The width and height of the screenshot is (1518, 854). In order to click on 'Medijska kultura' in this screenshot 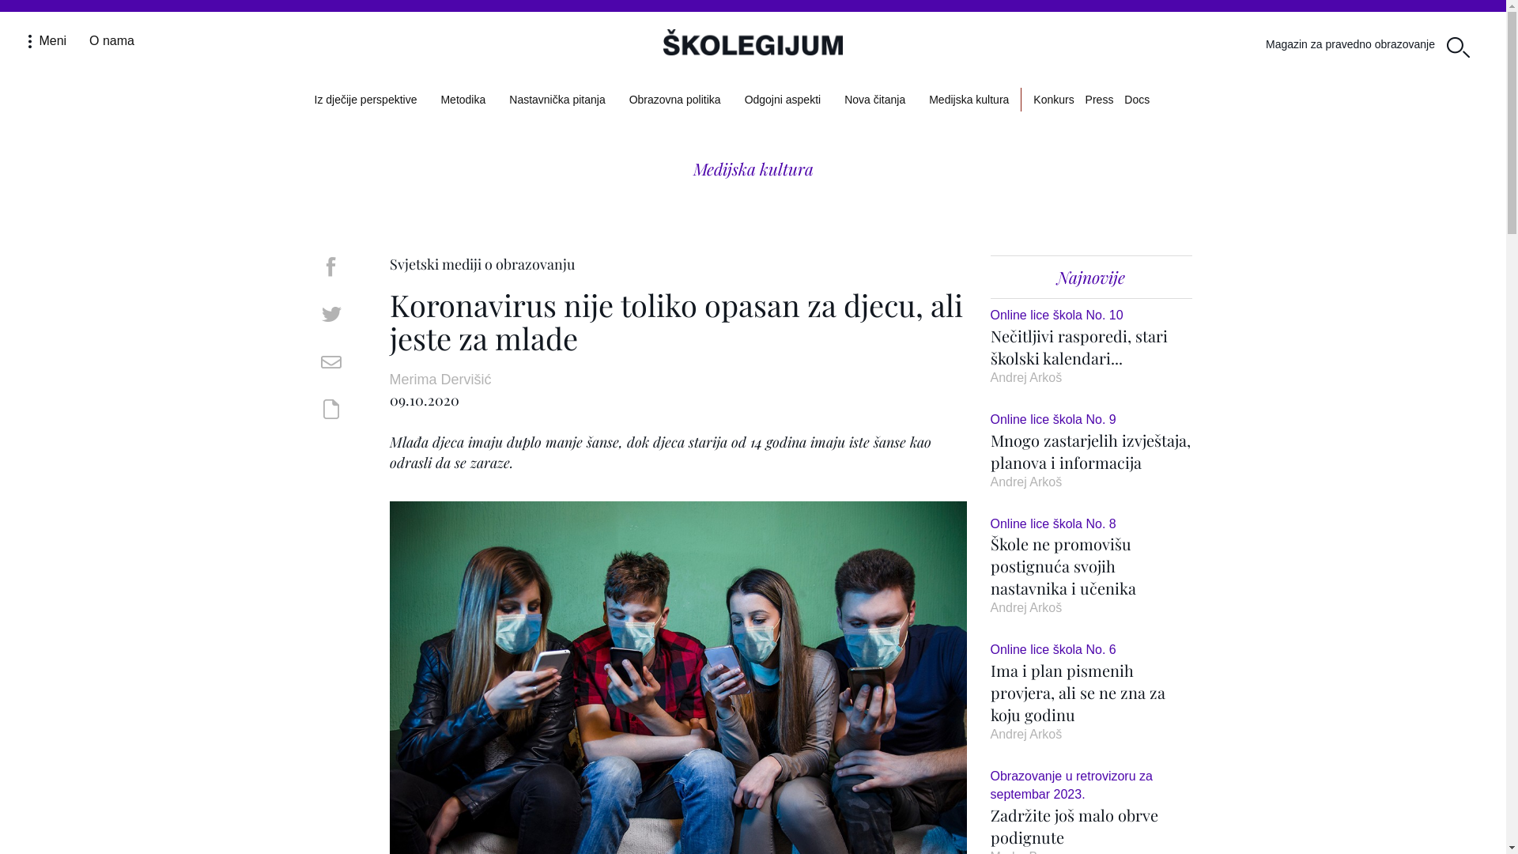, I will do `click(968, 100)`.